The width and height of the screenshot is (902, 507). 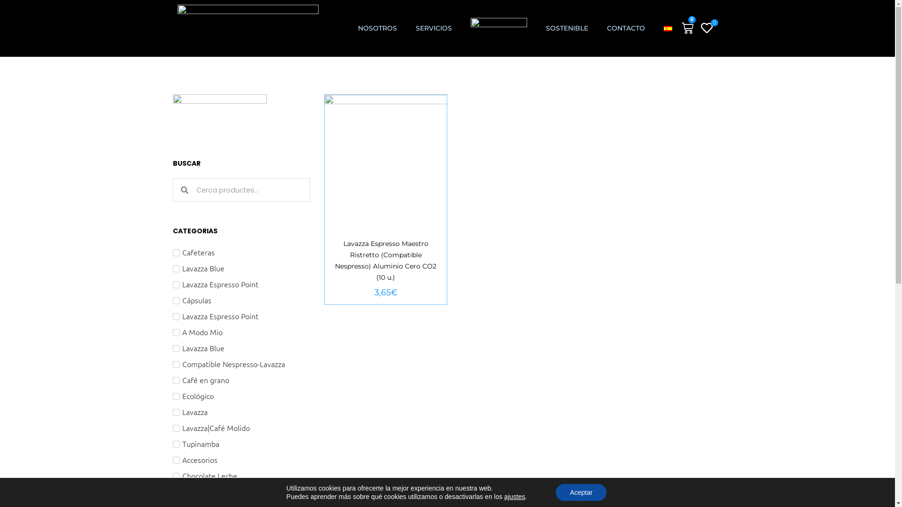 I want to click on 'NOSOTROS', so click(x=377, y=28).